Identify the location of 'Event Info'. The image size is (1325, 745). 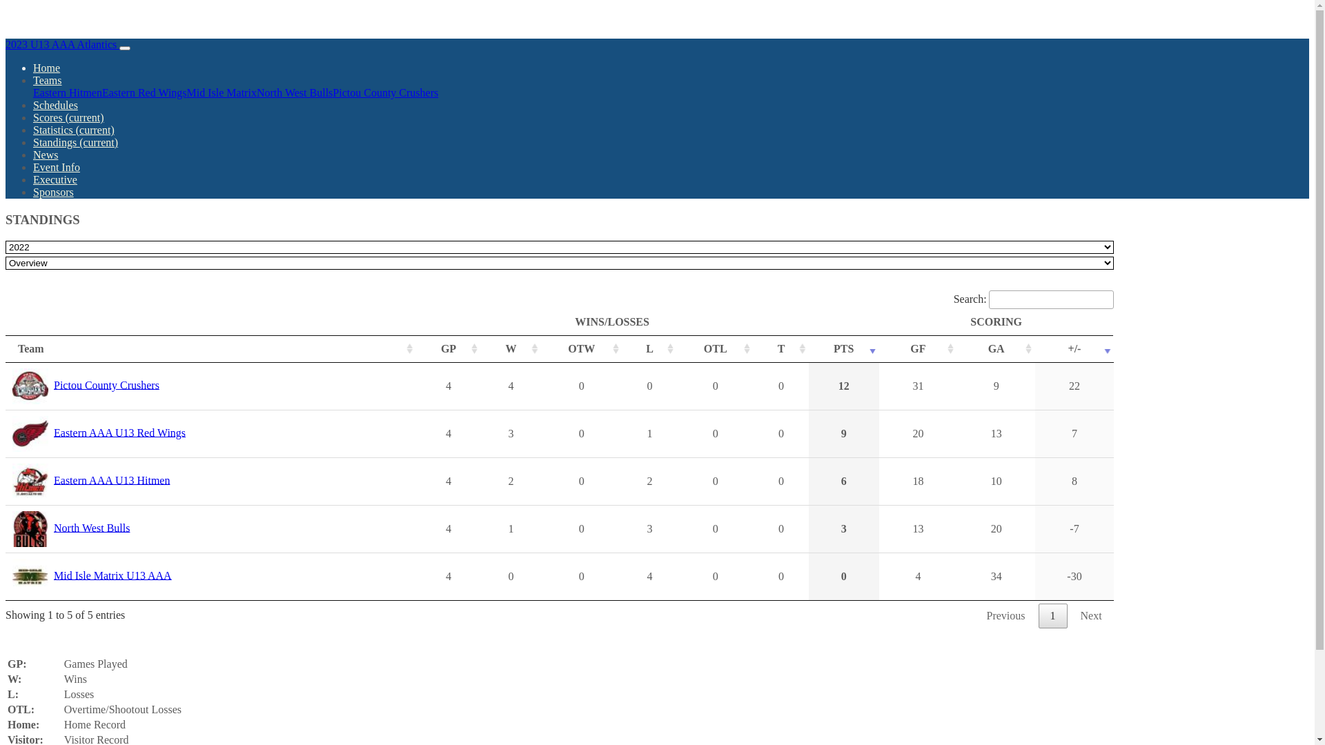
(55, 166).